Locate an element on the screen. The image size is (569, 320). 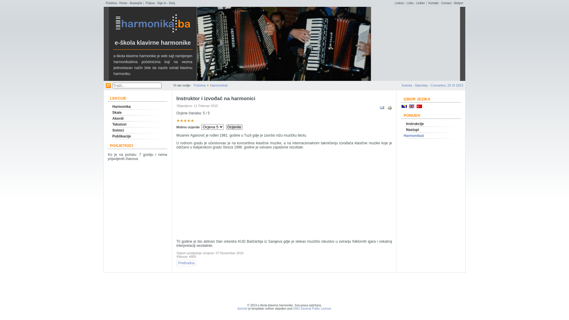
'Ocijenite' is located at coordinates (234, 127).